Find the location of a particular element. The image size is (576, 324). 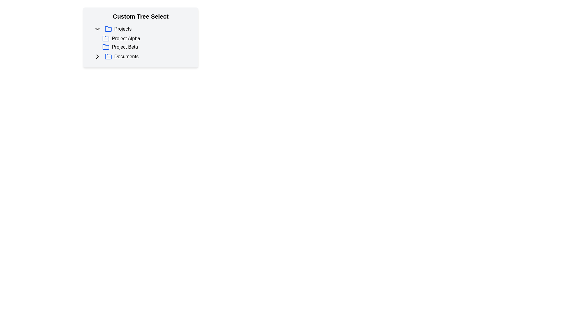

the blue folder icon located to the left of the text 'Documents' in a modern minimalistic design is located at coordinates (108, 57).